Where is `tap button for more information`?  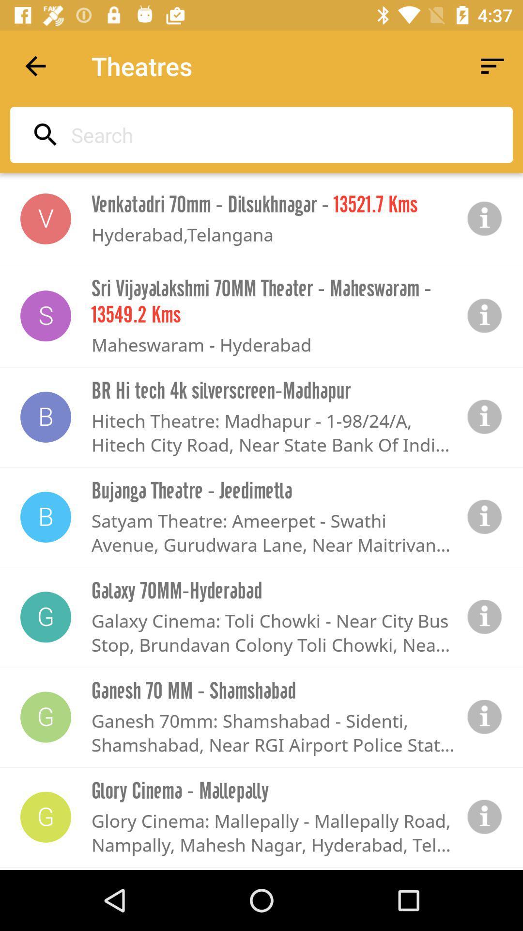
tap button for more information is located at coordinates (485, 616).